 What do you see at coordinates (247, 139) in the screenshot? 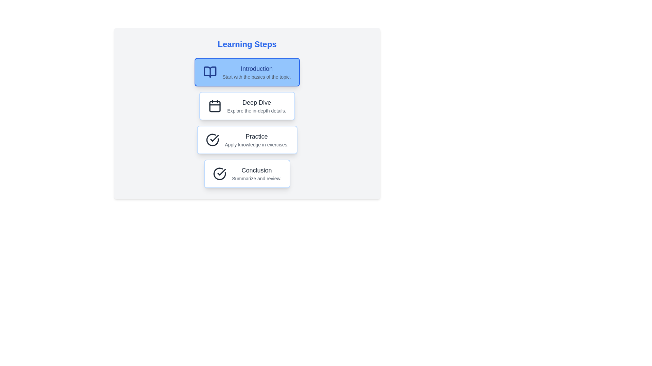
I see `the clickable instructional step labeled 'Practice' to receive additional UI feedback. This element is located in the third item block of the 'Learning Steps' section, positioned below the 'Deep Dive' block and above the 'Conclusion' block` at bounding box center [247, 139].